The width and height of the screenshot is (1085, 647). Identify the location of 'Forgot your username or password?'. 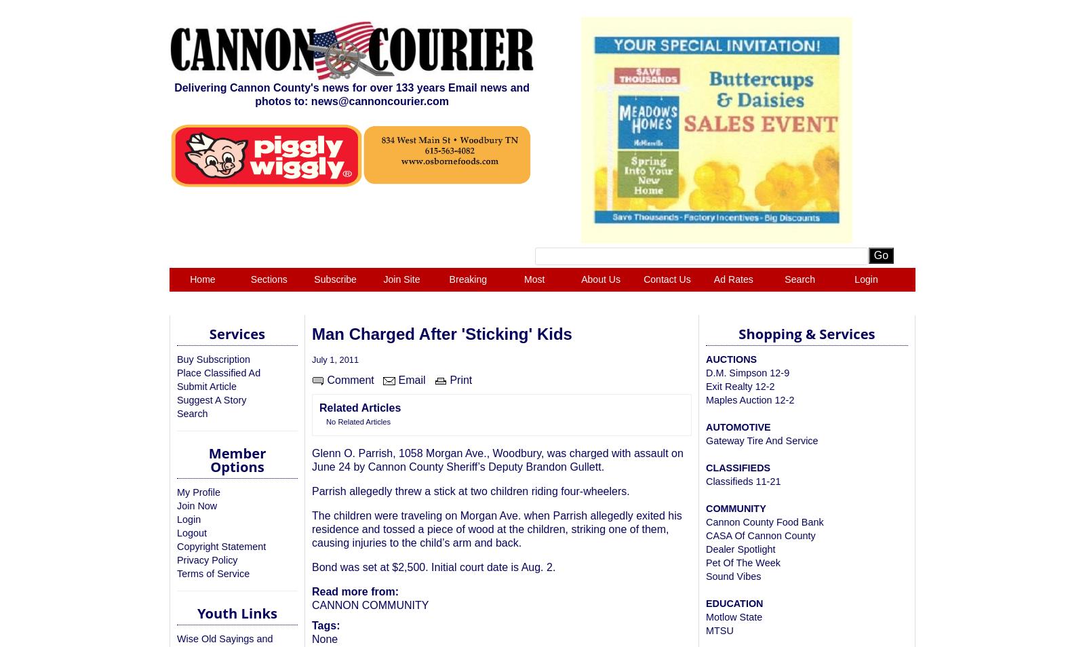
(441, 345).